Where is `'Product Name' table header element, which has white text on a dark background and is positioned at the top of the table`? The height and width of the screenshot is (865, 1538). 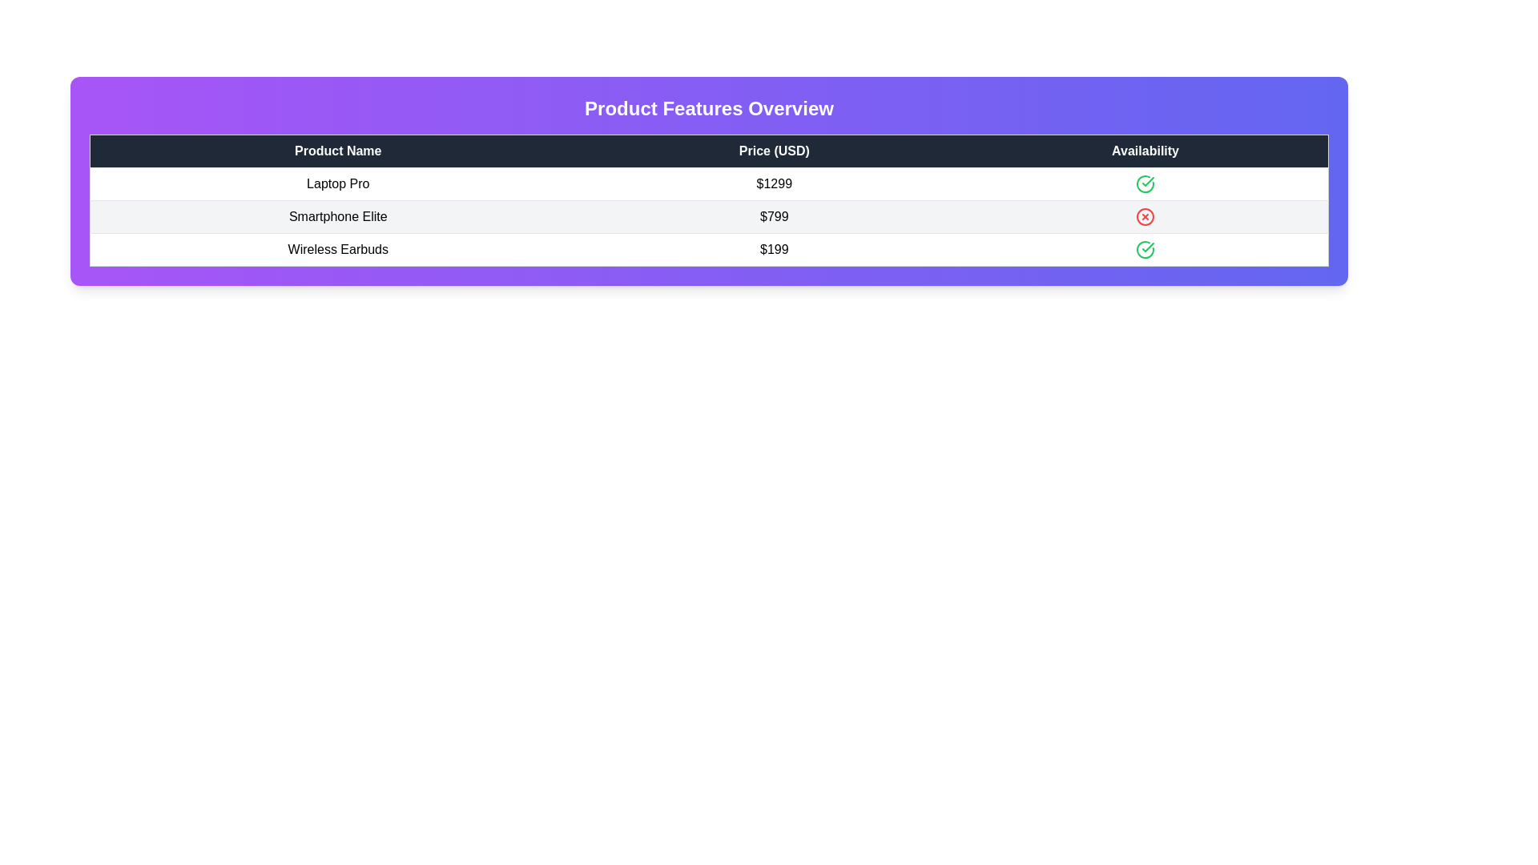
'Product Name' table header element, which has white text on a dark background and is positioned at the top of the table is located at coordinates (337, 151).